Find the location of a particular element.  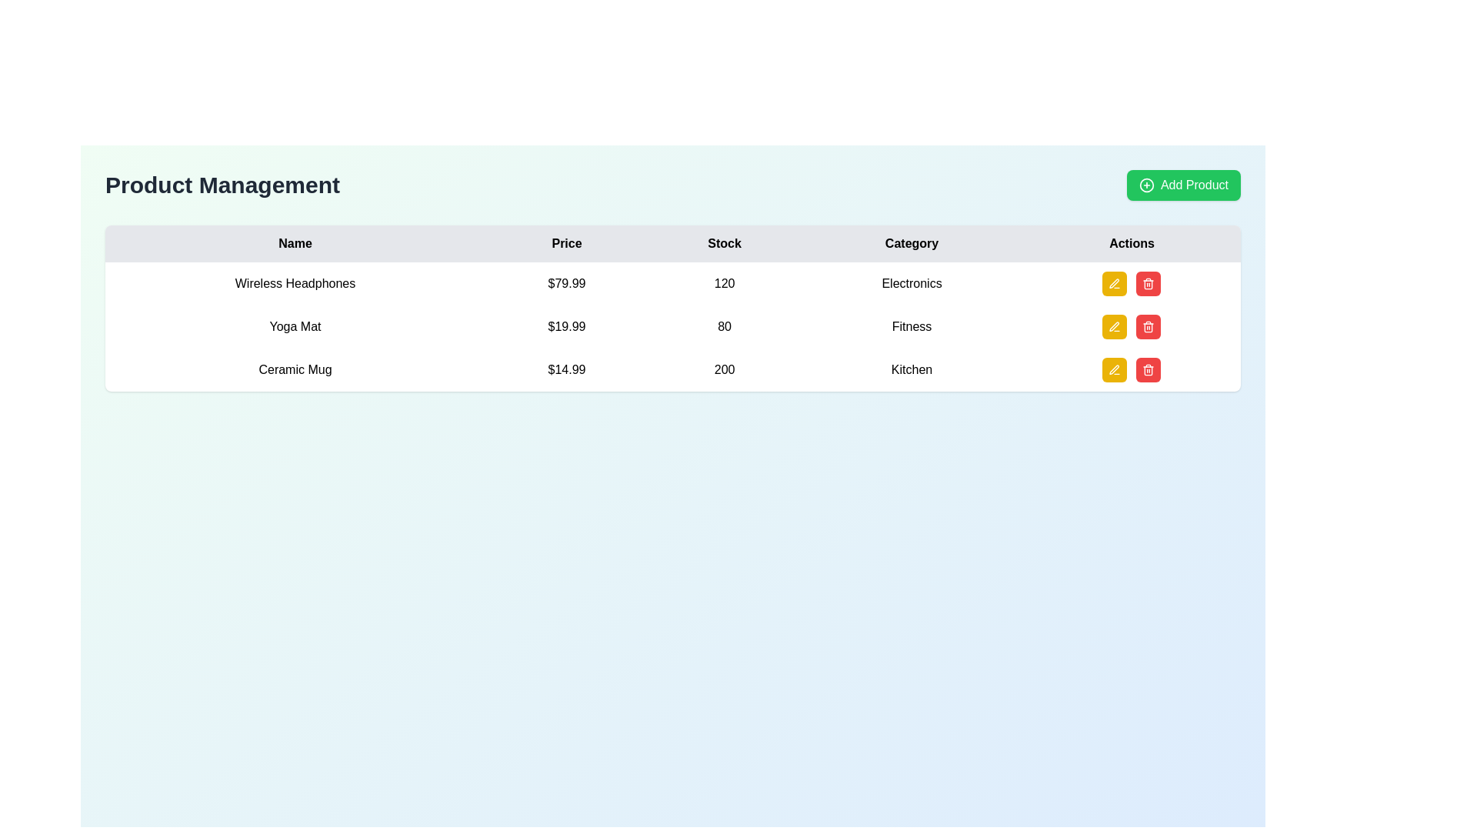

price value displayed in the Text Label that shows '$19.99', which is bold and black, located in the 'Price' column aligned with the Yoga Mat product entry is located at coordinates (566, 325).